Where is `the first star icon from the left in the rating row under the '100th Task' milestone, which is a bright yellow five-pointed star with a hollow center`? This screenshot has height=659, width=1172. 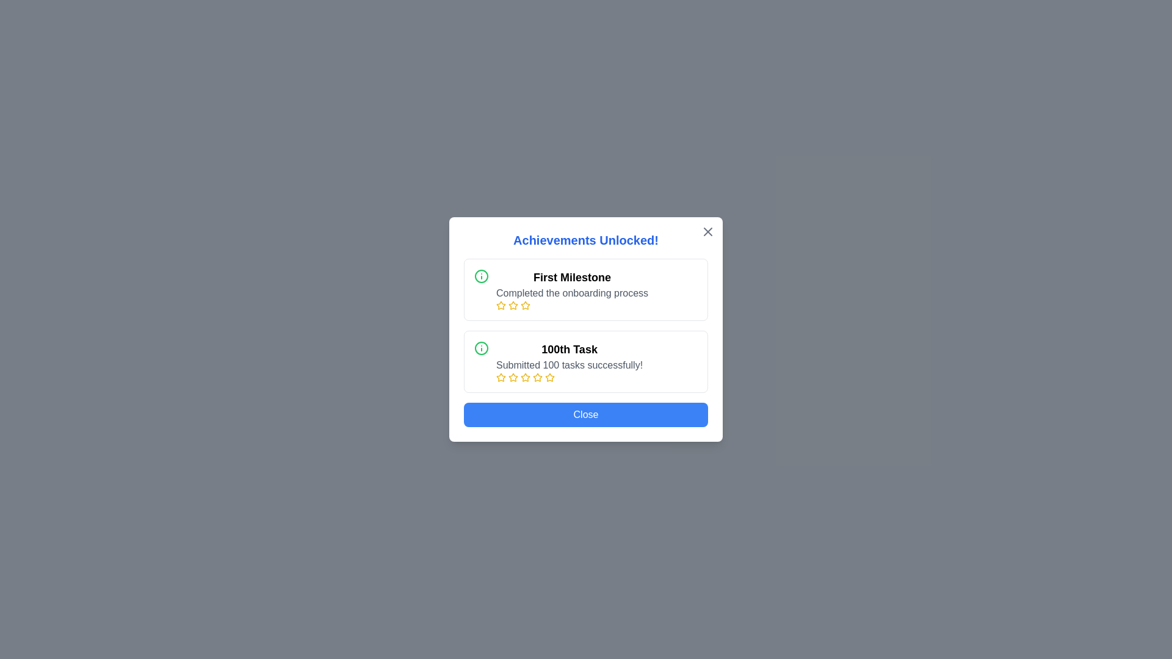
the first star icon from the left in the rating row under the '100th Task' milestone, which is a bright yellow five-pointed star with a hollow center is located at coordinates (513, 376).